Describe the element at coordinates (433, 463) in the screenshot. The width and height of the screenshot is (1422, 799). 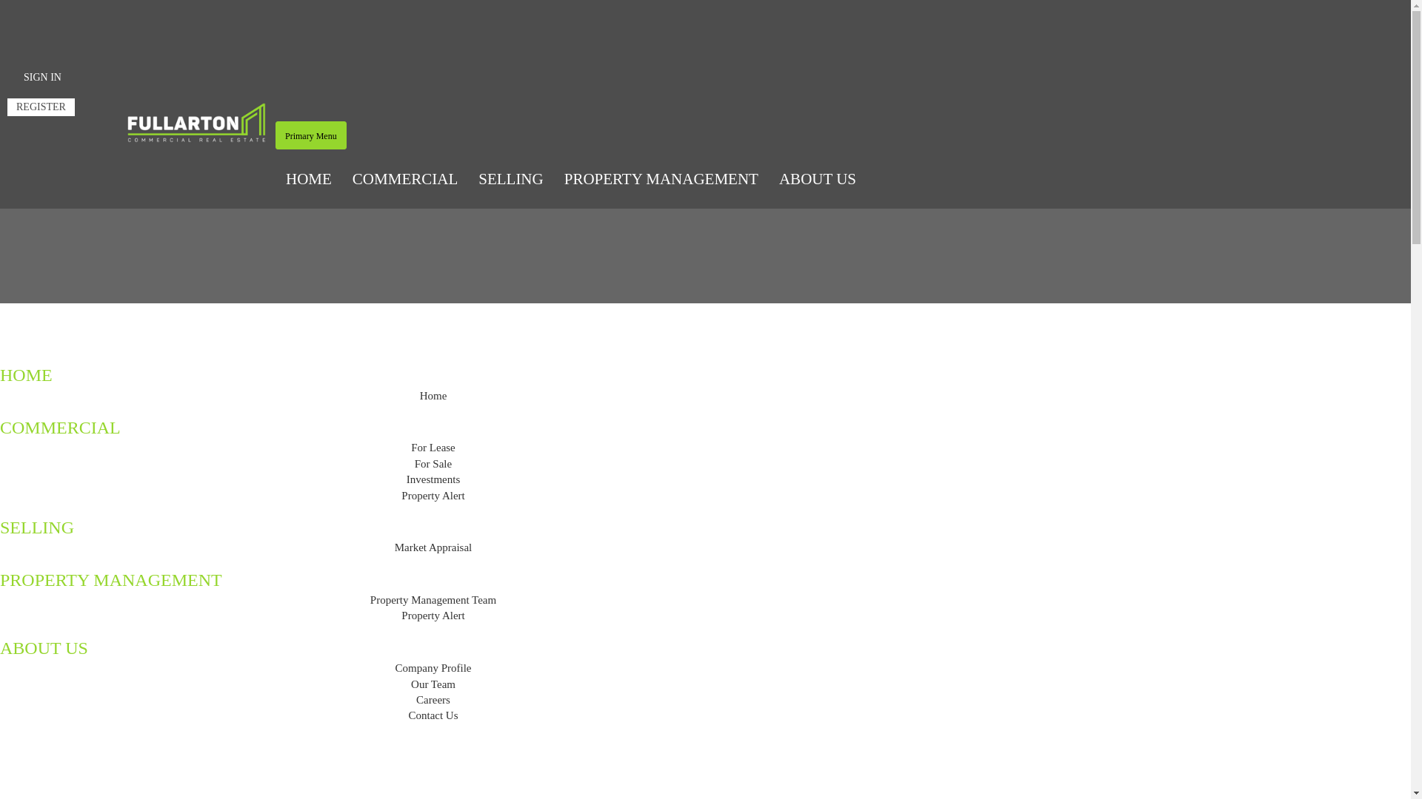
I see `'For Sale'` at that location.